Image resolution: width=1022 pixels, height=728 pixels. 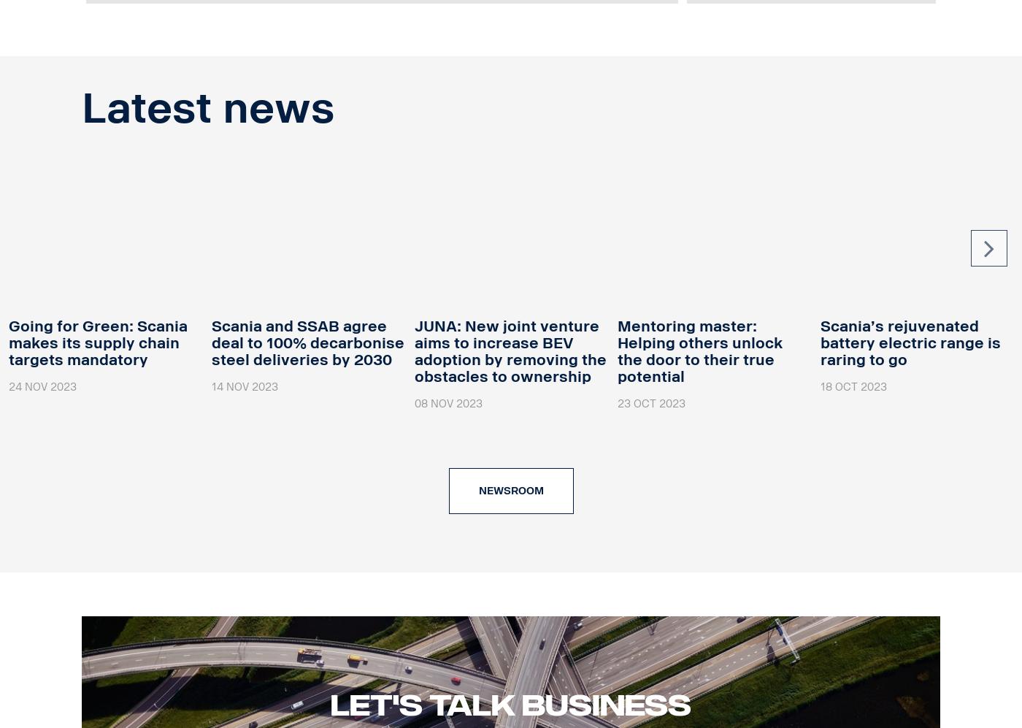 What do you see at coordinates (307, 342) in the screenshot?
I see `'Scania and SSAB agree deal to 100% decarbonise steel deliveries by 2030'` at bounding box center [307, 342].